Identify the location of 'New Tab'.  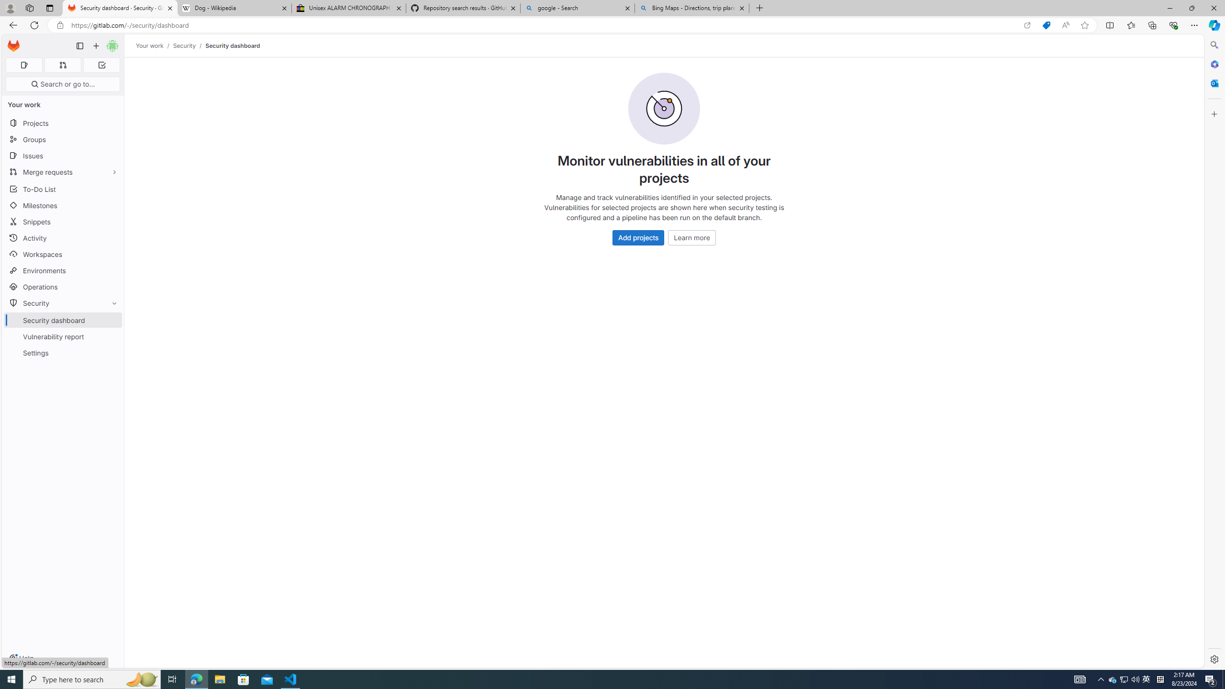
(759, 8).